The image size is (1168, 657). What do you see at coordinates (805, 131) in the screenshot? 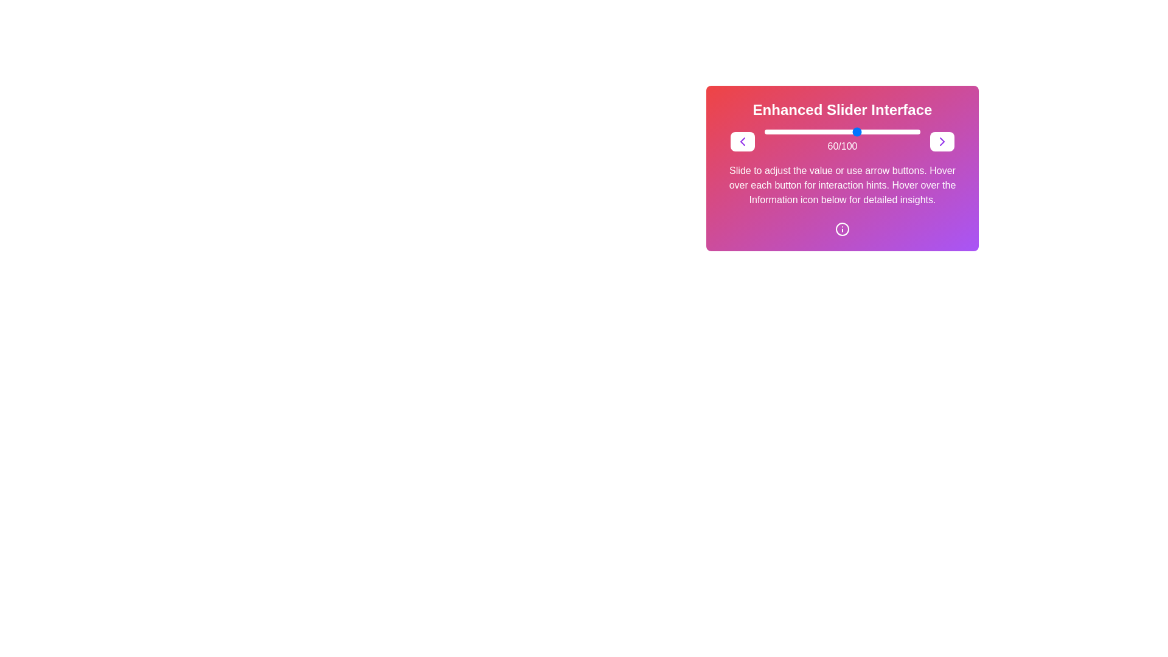
I see `the slider` at bounding box center [805, 131].